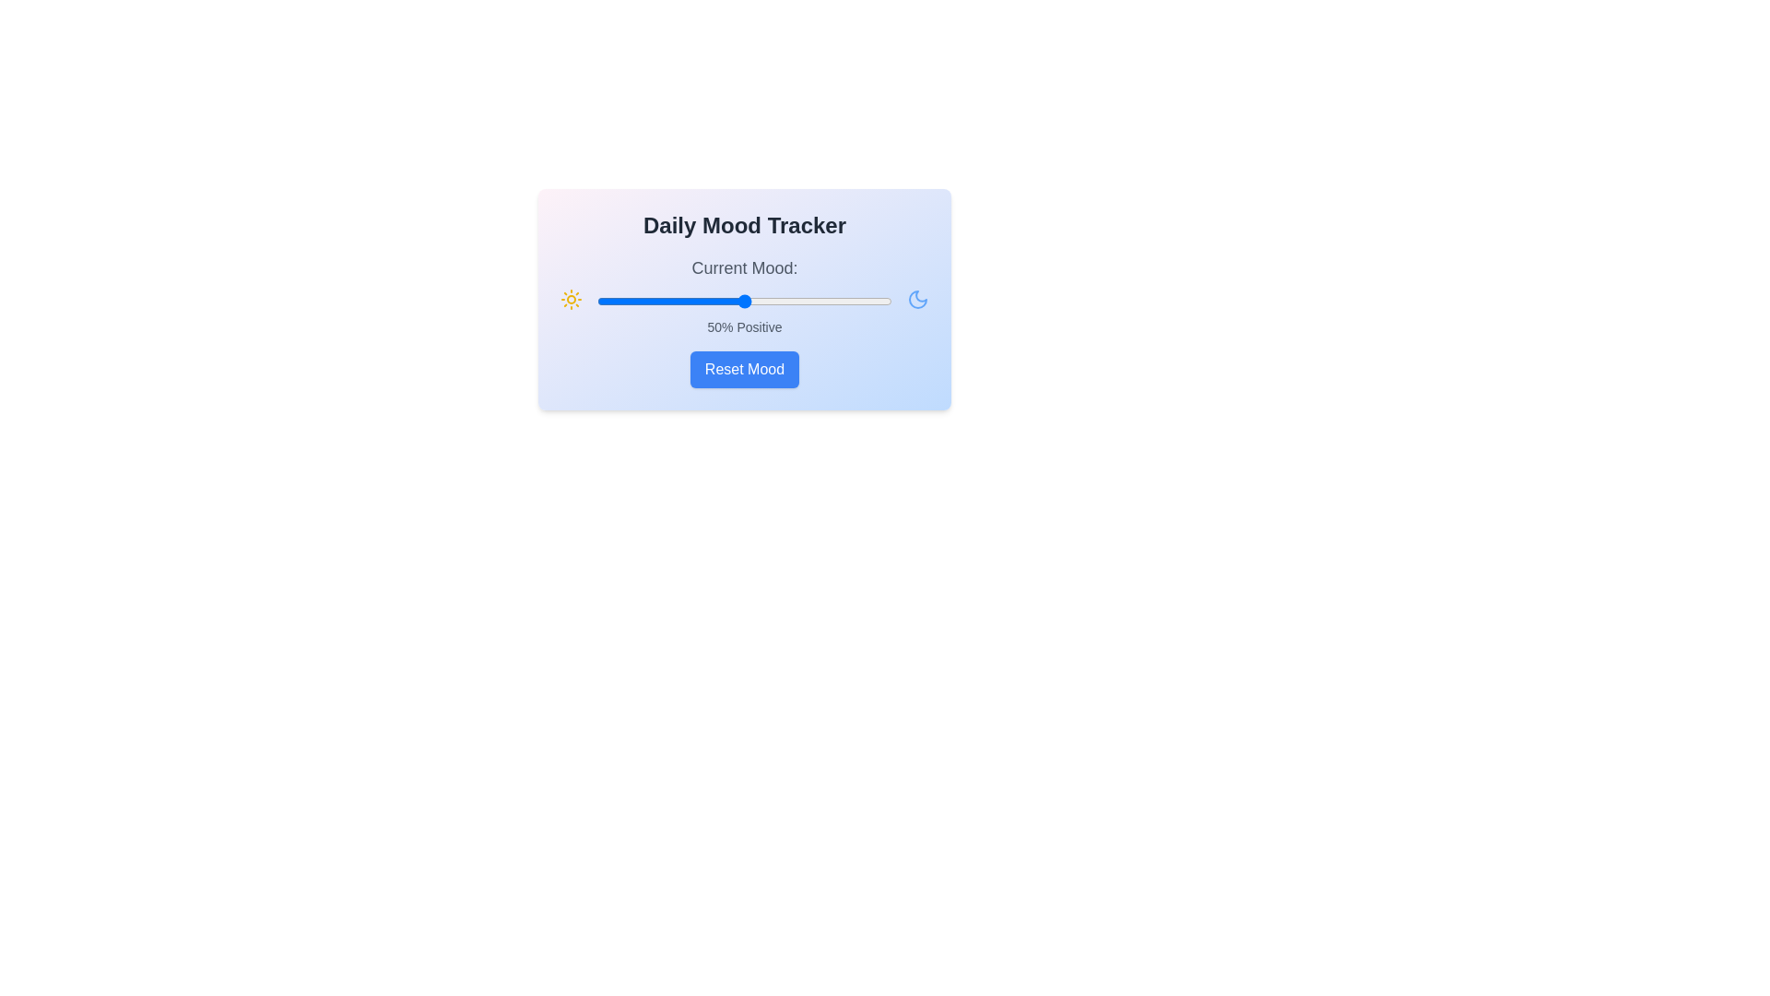 The image size is (1770, 996). What do you see at coordinates (603, 301) in the screenshot?
I see `mood rating` at bounding box center [603, 301].